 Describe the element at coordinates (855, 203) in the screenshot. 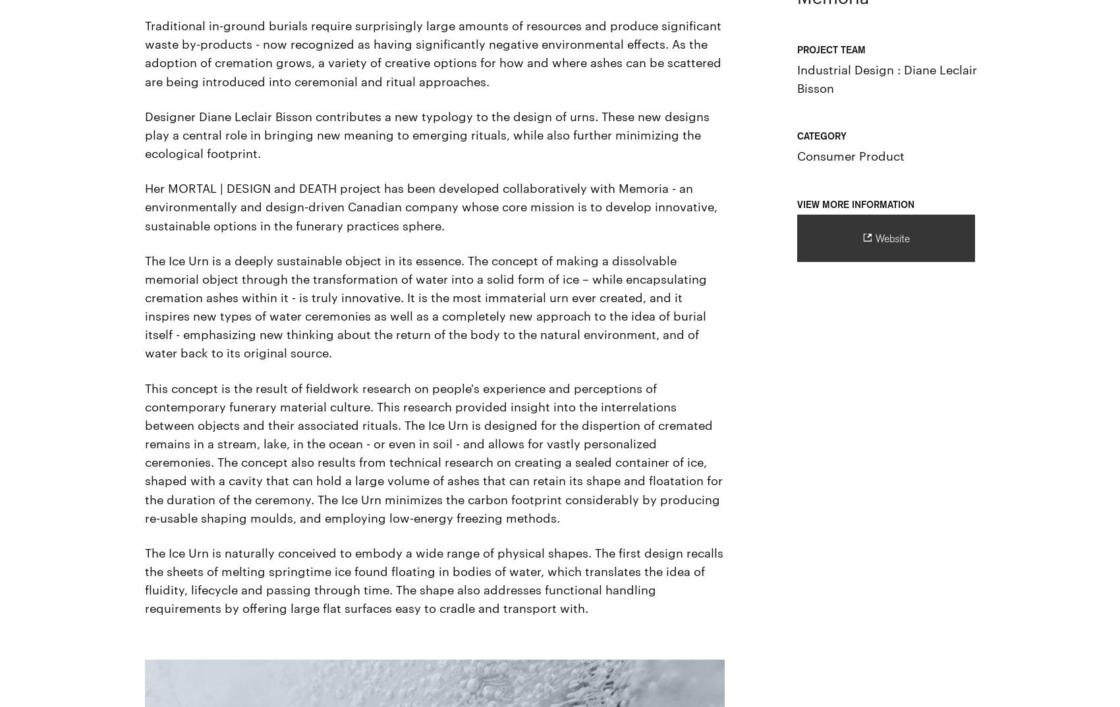

I see `'View More Information'` at that location.